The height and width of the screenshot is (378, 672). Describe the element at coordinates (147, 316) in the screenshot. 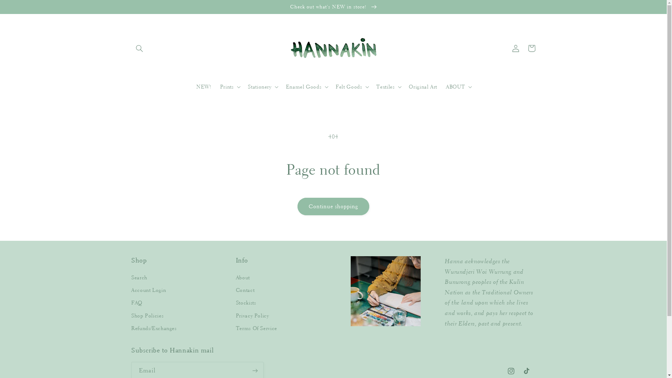

I see `'Shop Policies'` at that location.